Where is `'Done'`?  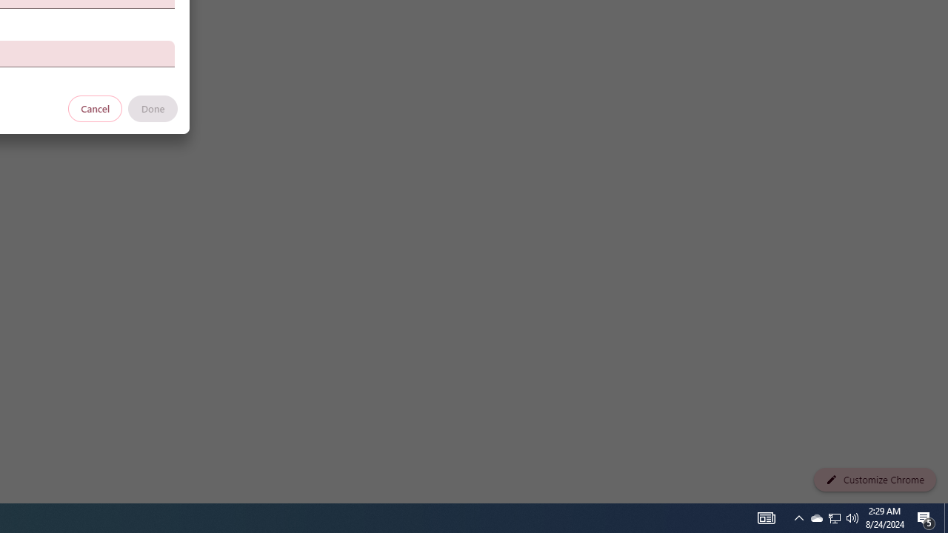
'Done' is located at coordinates (153, 107).